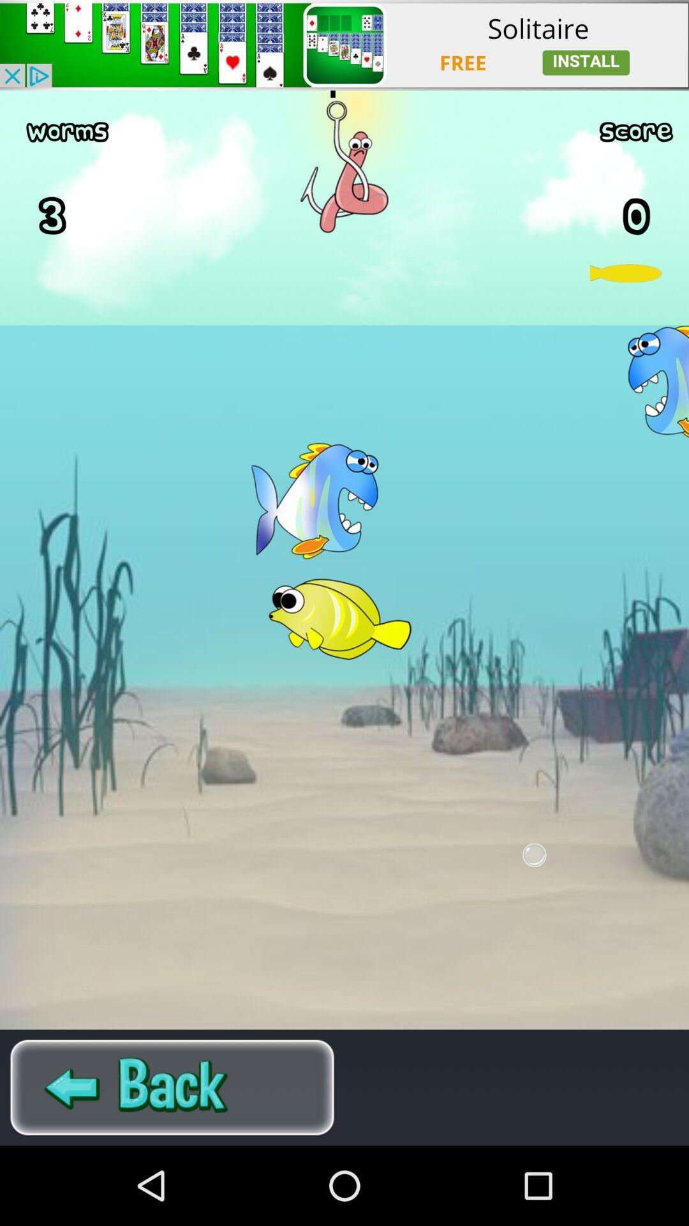  I want to click on the sliders icon, so click(172, 1163).